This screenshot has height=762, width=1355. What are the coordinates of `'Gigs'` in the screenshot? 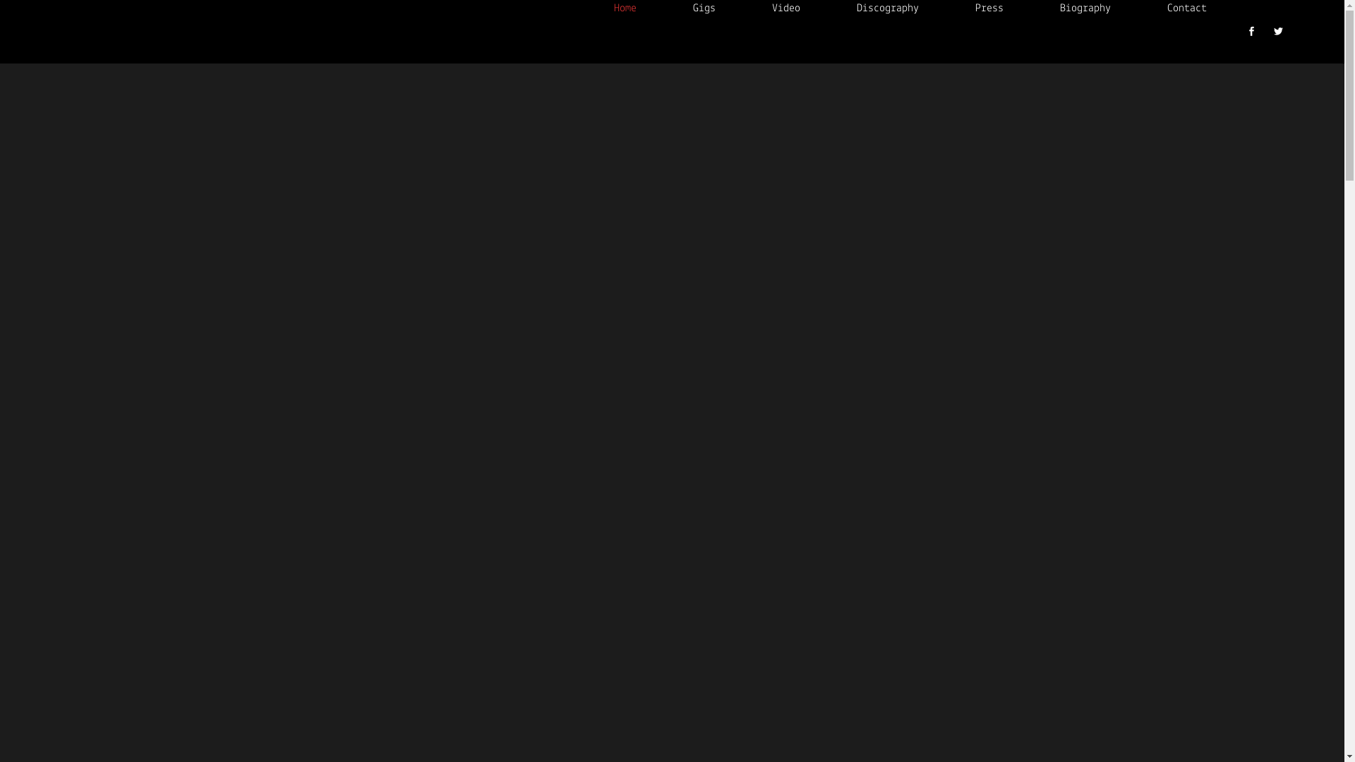 It's located at (704, 8).